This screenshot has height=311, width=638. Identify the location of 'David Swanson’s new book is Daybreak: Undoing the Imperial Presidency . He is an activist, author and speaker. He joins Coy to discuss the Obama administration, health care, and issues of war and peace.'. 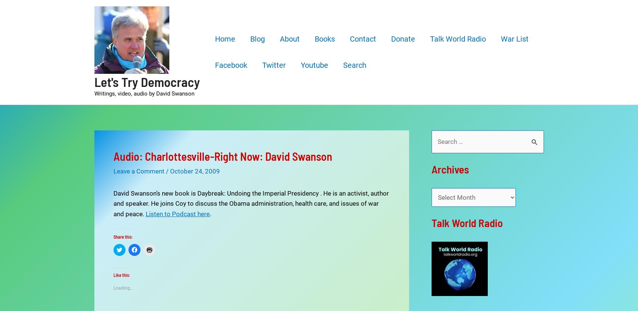
(250, 203).